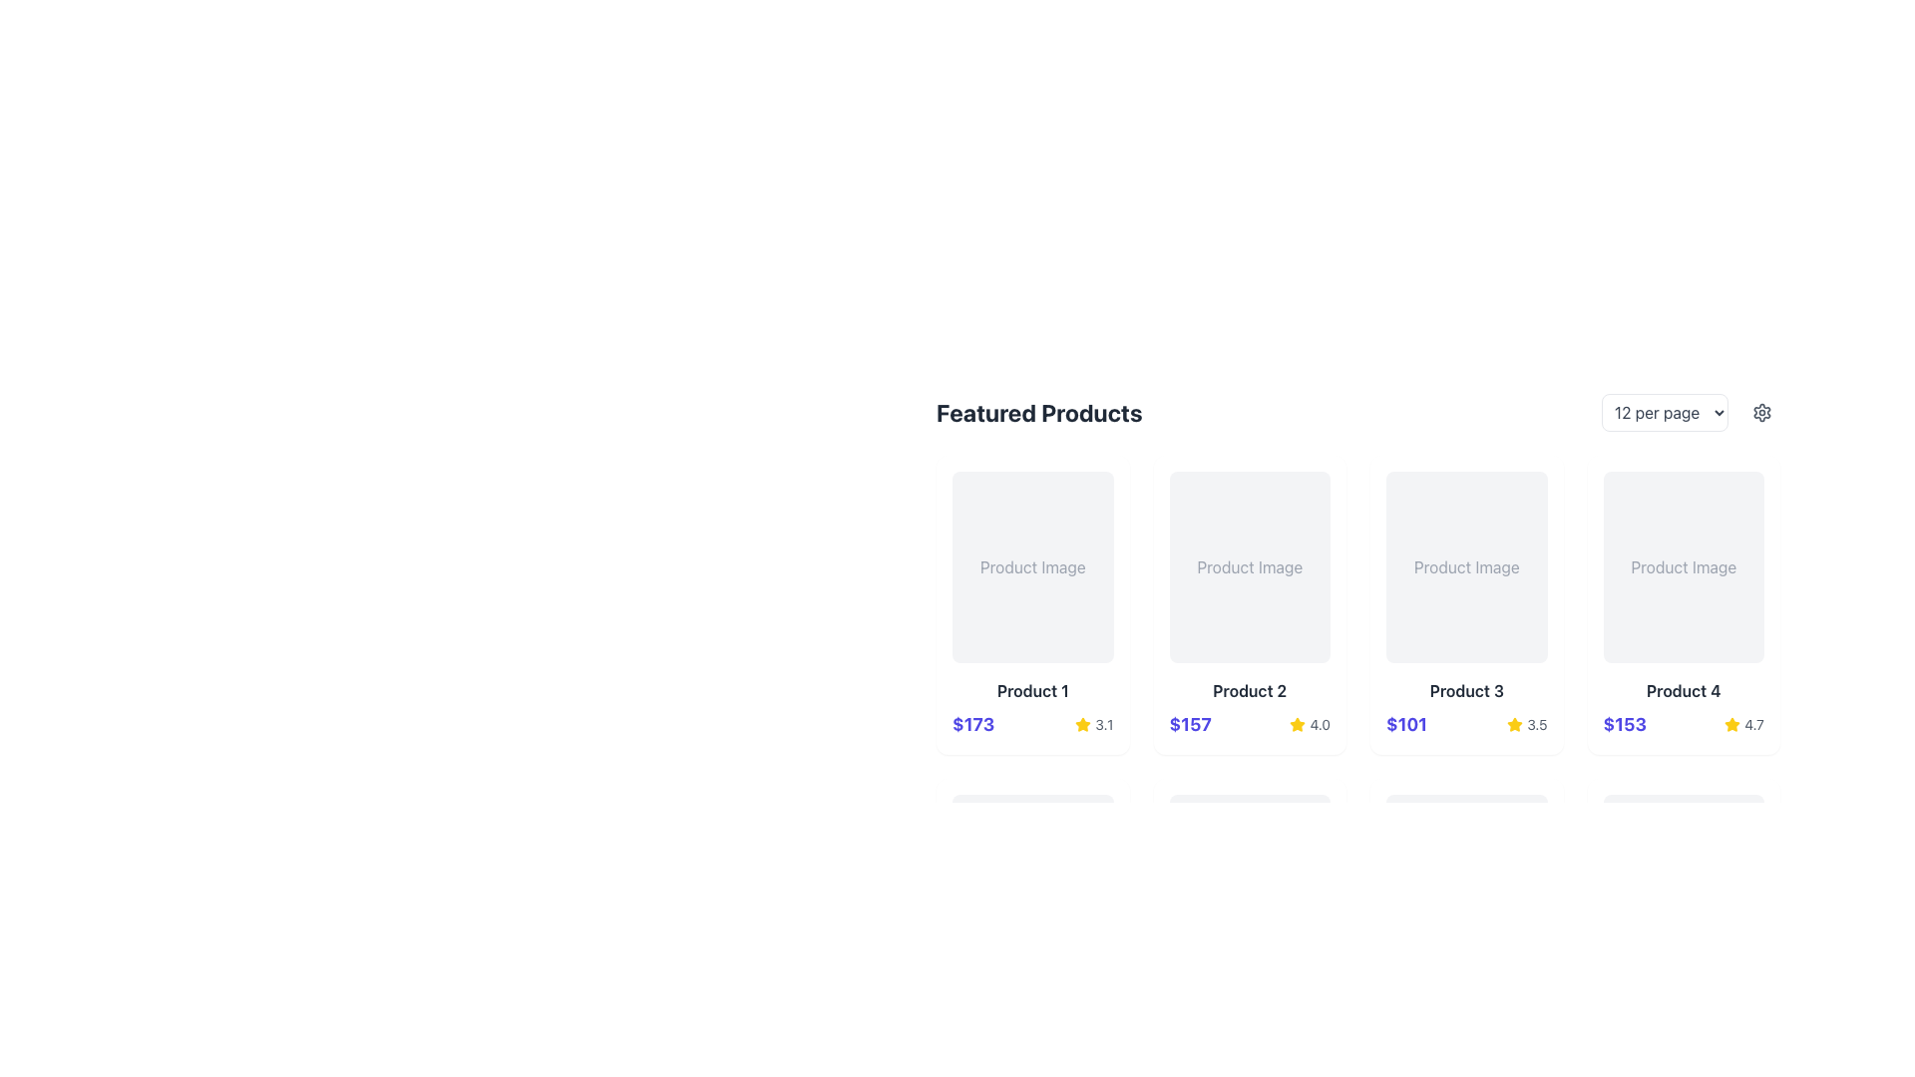  I want to click on the Text label that serves as a placeholder for the product image in the first product card of the 'Featured Products' section, which is centered above the product name and price information, so click(1032, 567).